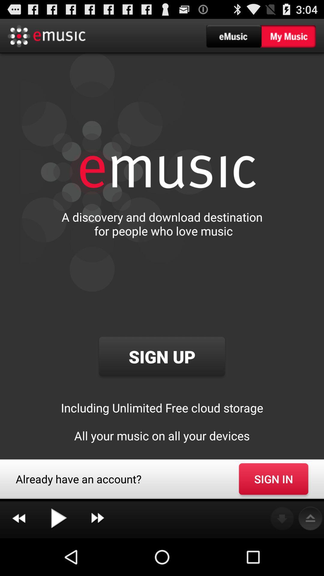  What do you see at coordinates (97, 518) in the screenshot?
I see `the icon next to sign in button` at bounding box center [97, 518].